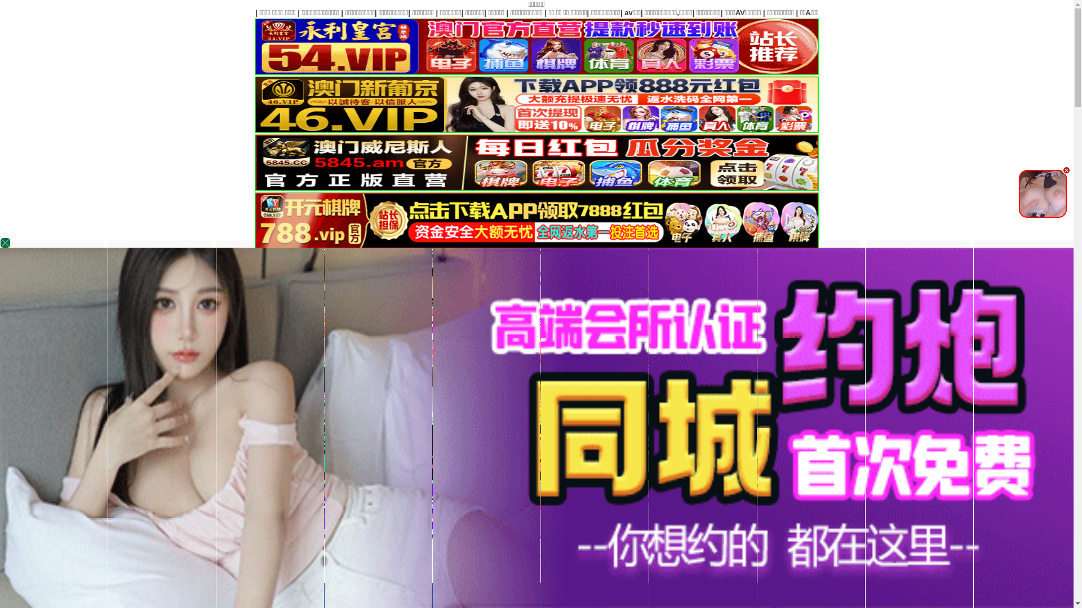 The width and height of the screenshot is (1082, 608). Describe the element at coordinates (812, 12) in the screenshot. I see `'|'` at that location.